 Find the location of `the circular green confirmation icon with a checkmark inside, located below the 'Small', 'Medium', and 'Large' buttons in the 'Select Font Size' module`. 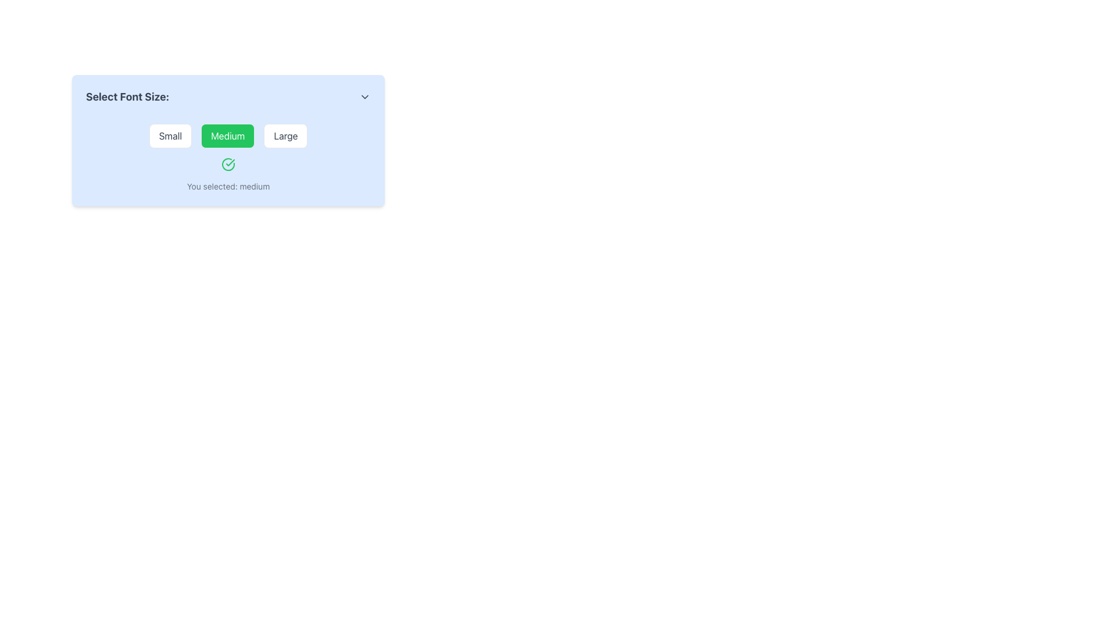

the circular green confirmation icon with a checkmark inside, located below the 'Small', 'Medium', and 'Large' buttons in the 'Select Font Size' module is located at coordinates (228, 164).